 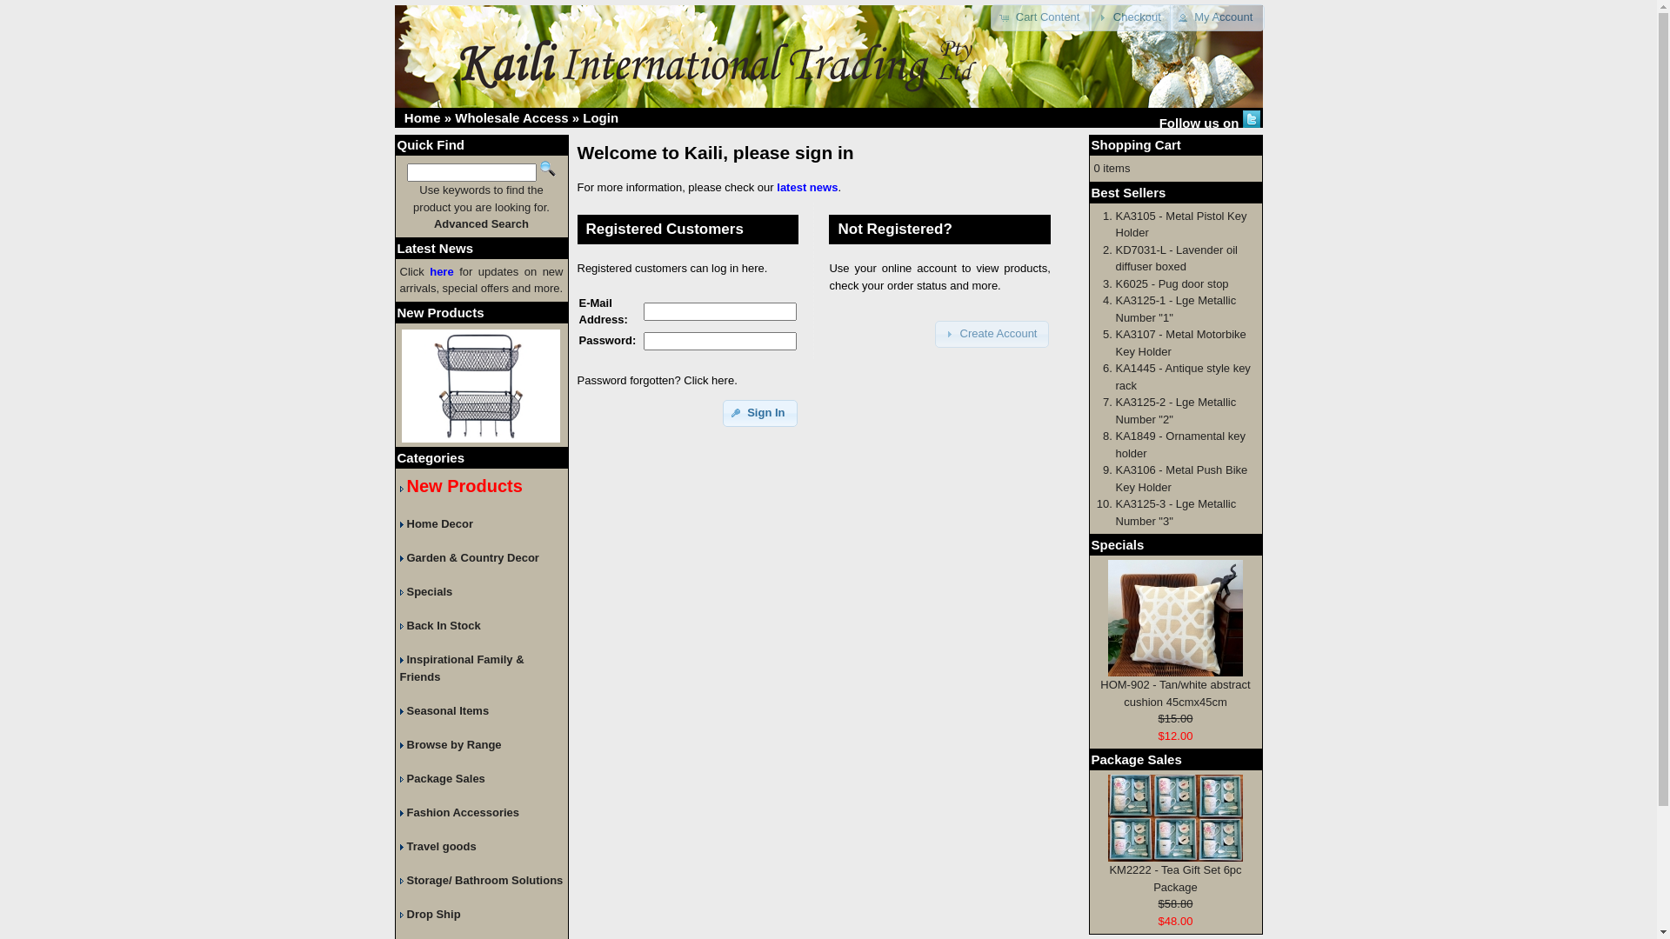 What do you see at coordinates (805, 187) in the screenshot?
I see `'latest news'` at bounding box center [805, 187].